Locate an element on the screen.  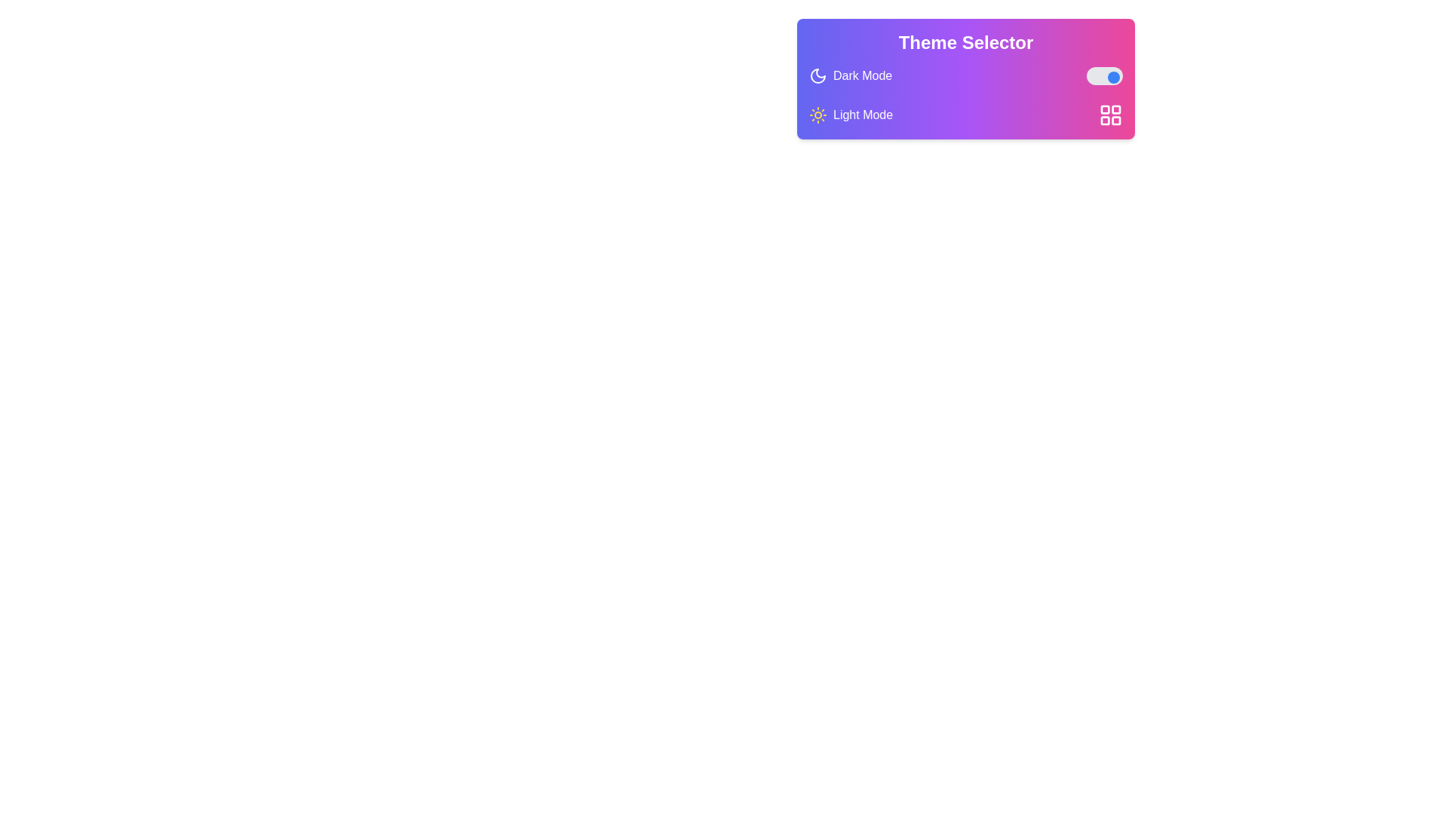
the 'Light Mode' label with icon, which features a sun symbol and is located within the 'Theme Selector' region is located at coordinates (851, 115).